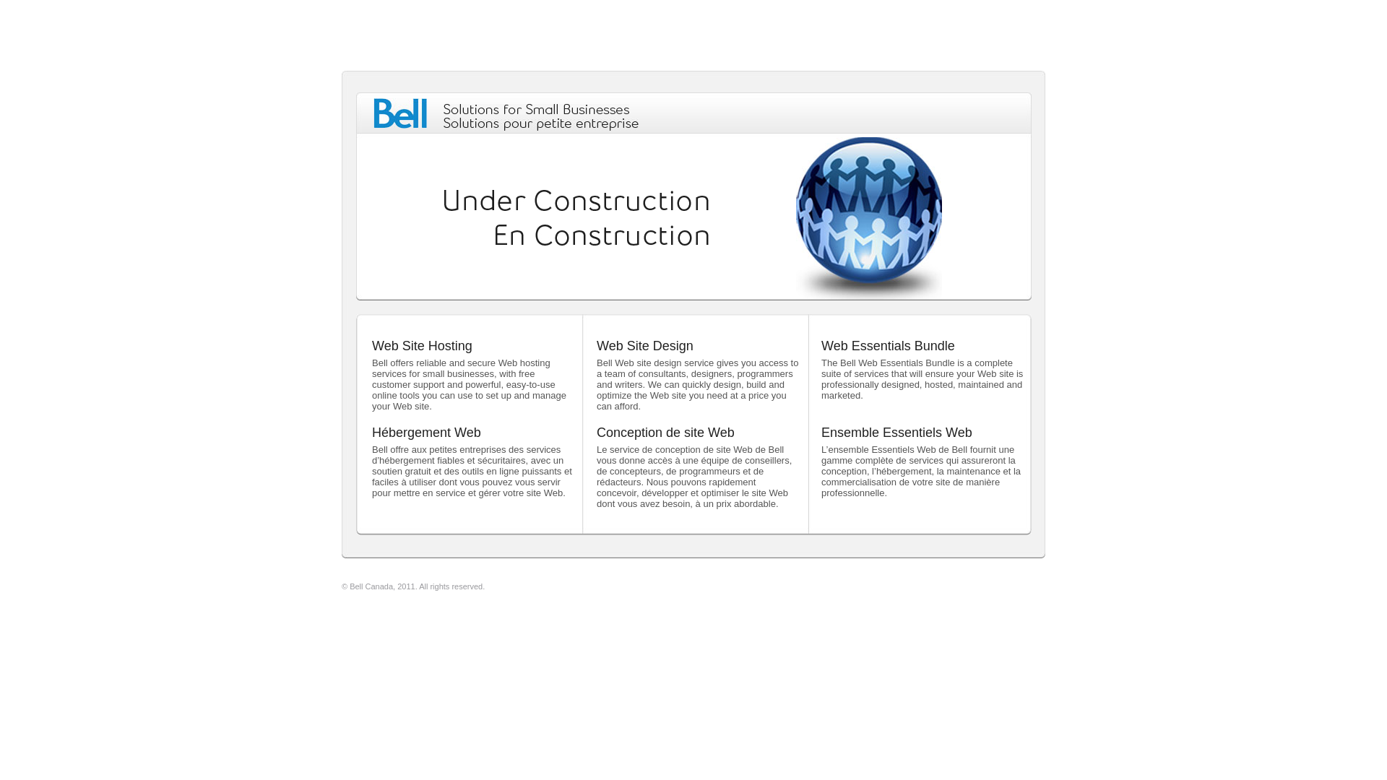  I want to click on 'En Construction', so click(496, 234).